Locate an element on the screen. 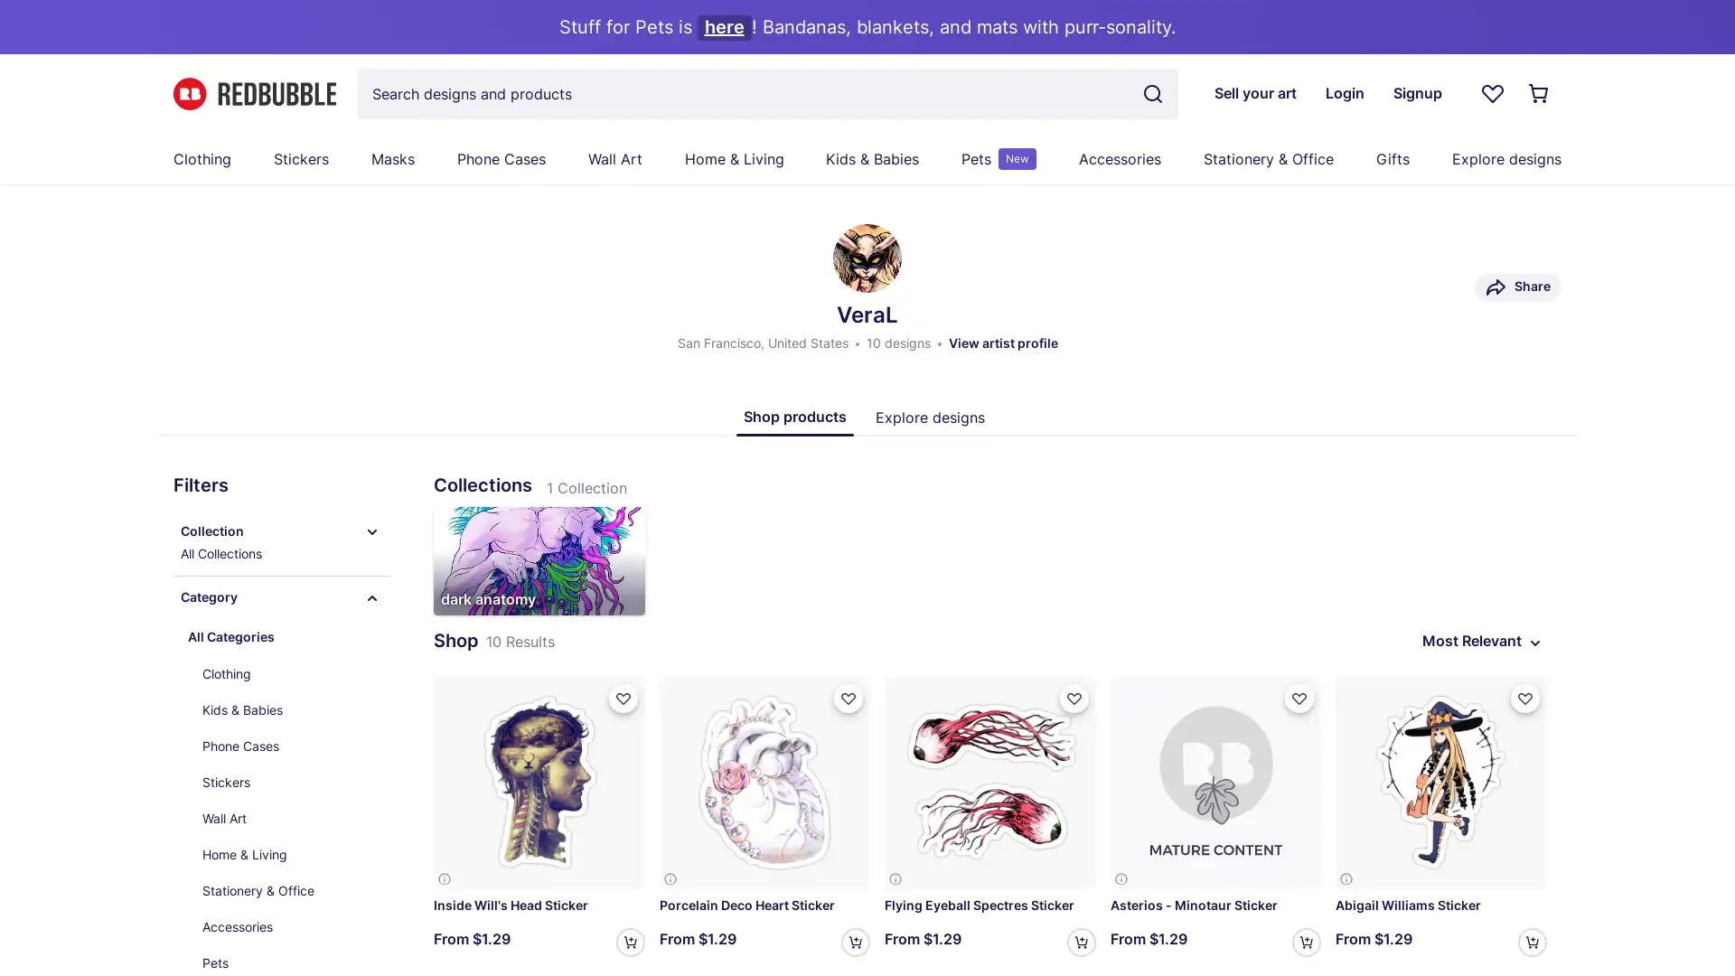  Collection All Collections is located at coordinates (281, 542).